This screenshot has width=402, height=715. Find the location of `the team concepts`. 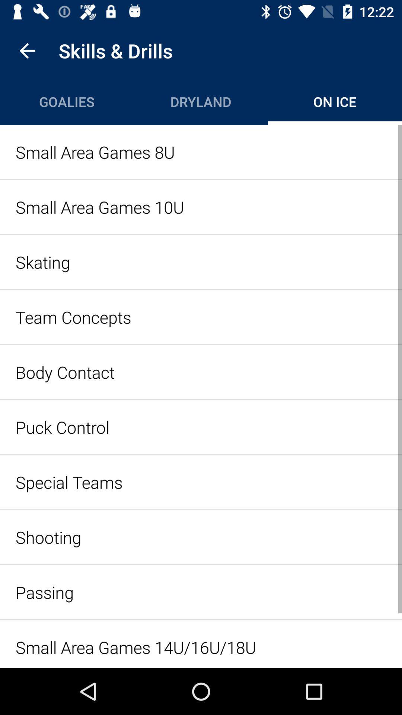

the team concepts is located at coordinates (201, 317).